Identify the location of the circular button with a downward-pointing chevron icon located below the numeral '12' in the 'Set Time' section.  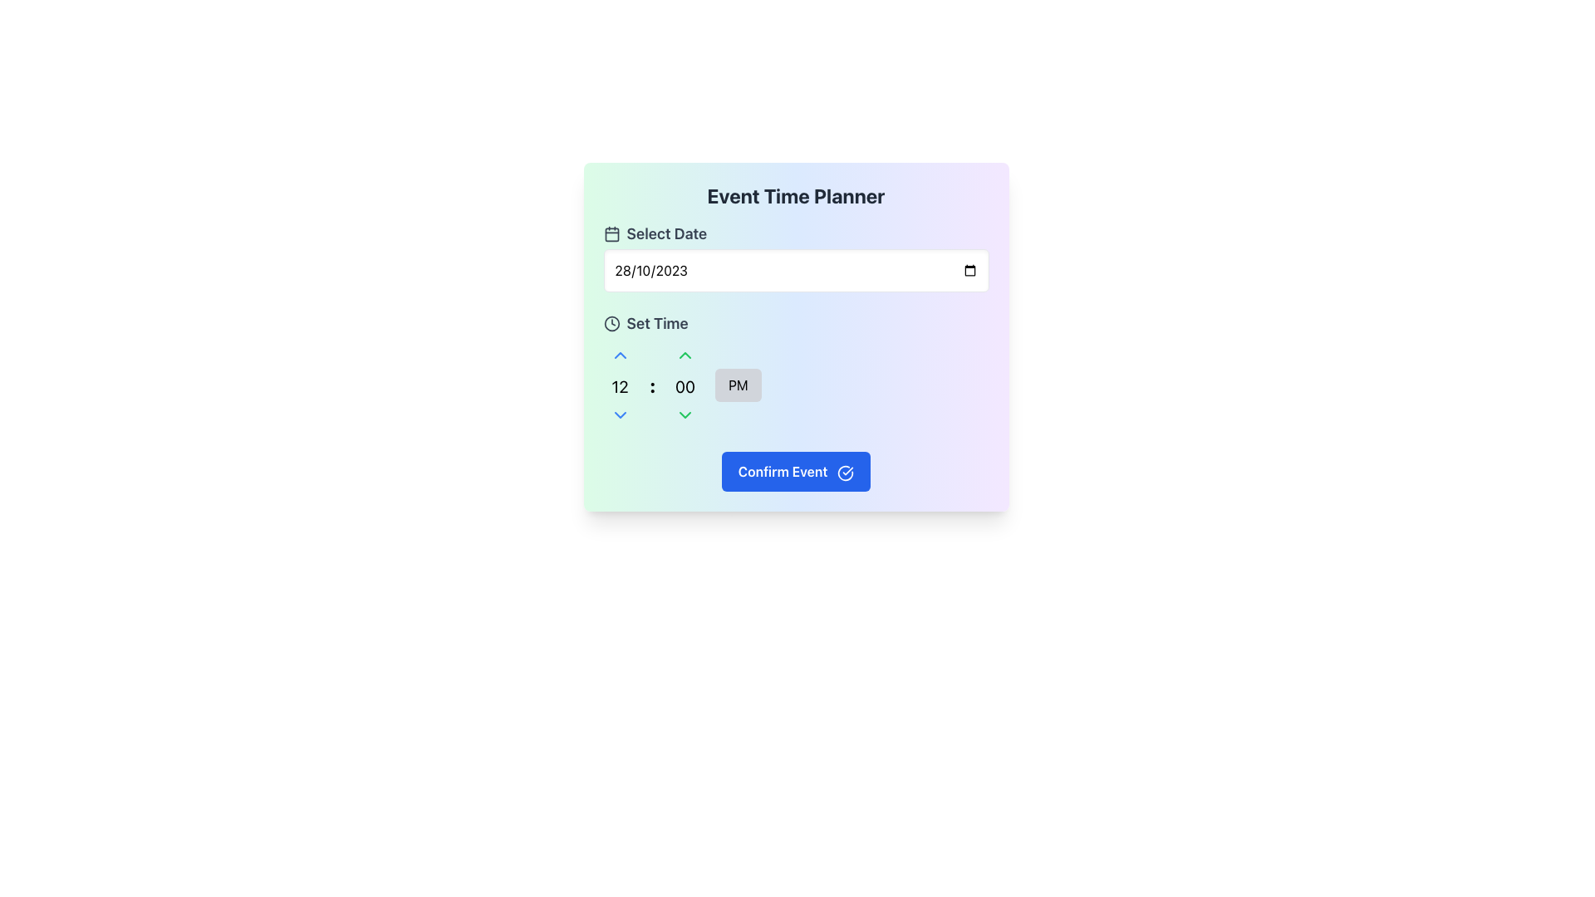
(619, 414).